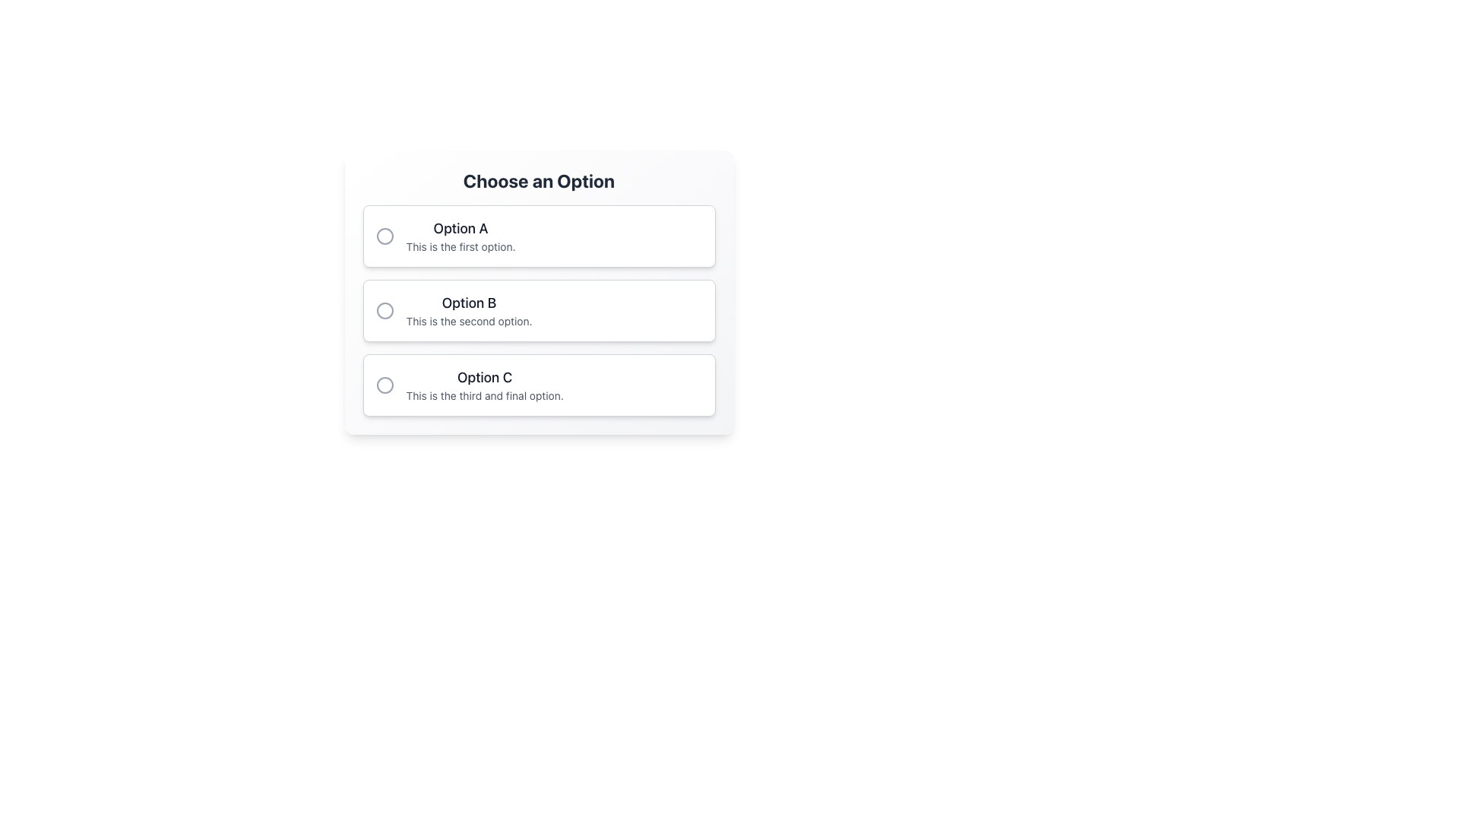 The image size is (1459, 821). Describe the element at coordinates (385, 309) in the screenshot. I see `the unselected radio button located in the second option row next to the text label 'Option B'` at that location.